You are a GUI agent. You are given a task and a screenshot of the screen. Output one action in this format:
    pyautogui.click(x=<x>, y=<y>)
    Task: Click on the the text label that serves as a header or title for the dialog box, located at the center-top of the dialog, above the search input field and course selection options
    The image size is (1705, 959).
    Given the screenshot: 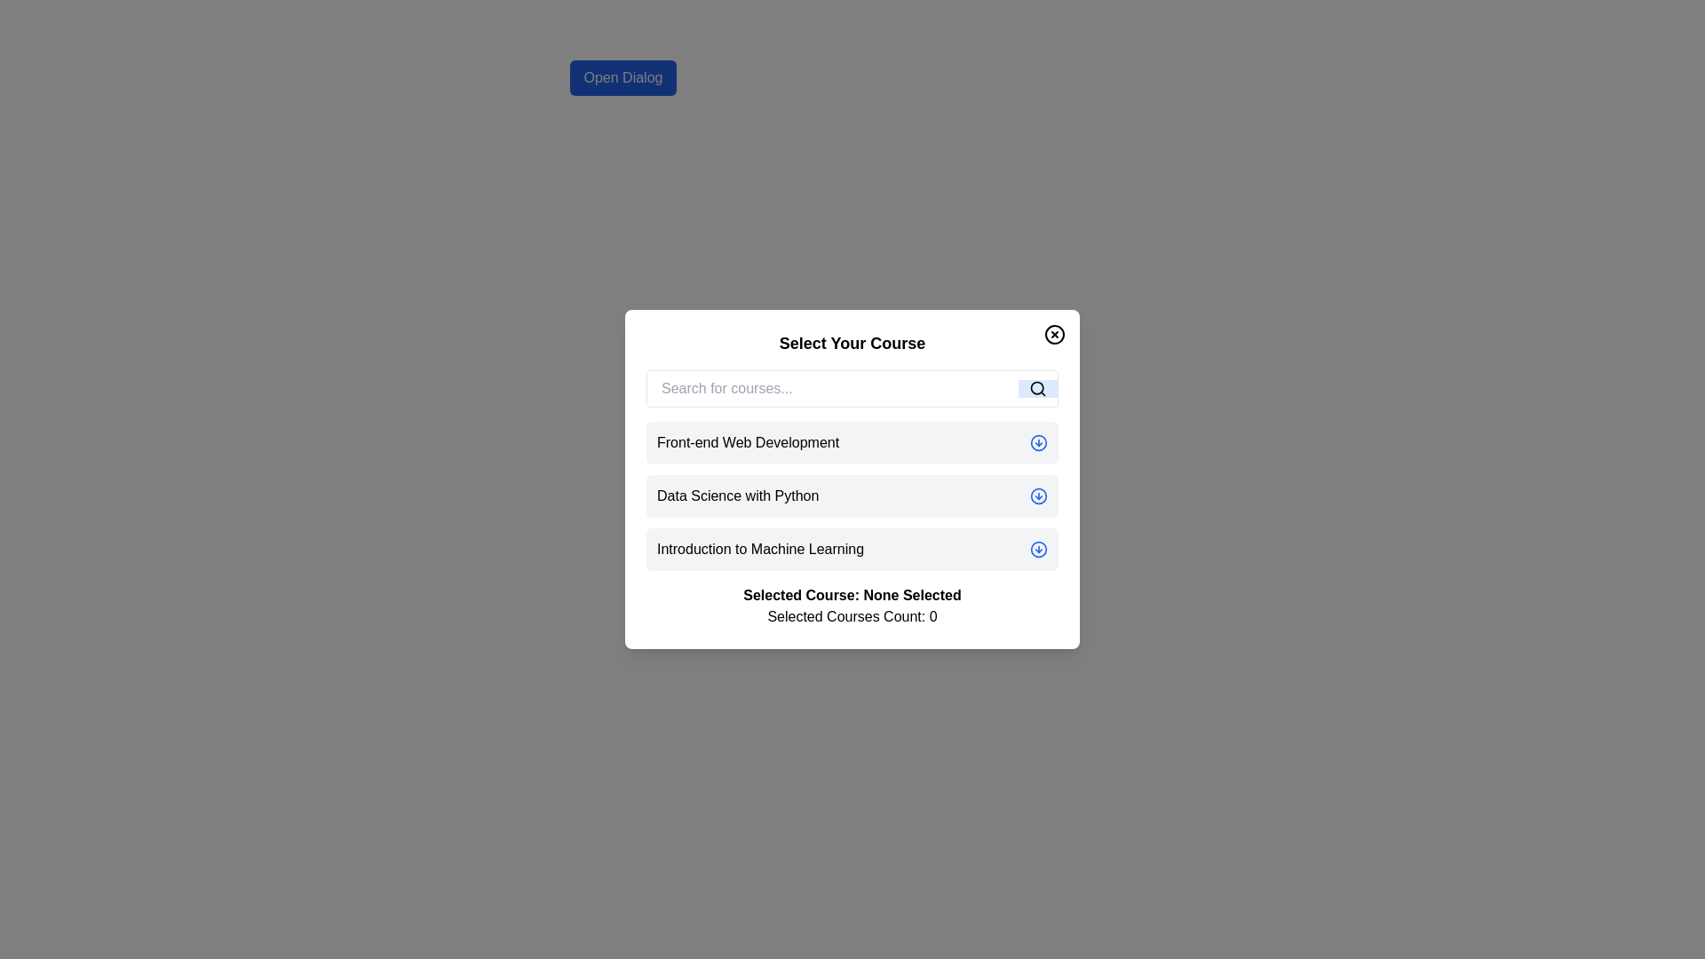 What is the action you would take?
    pyautogui.click(x=852, y=343)
    